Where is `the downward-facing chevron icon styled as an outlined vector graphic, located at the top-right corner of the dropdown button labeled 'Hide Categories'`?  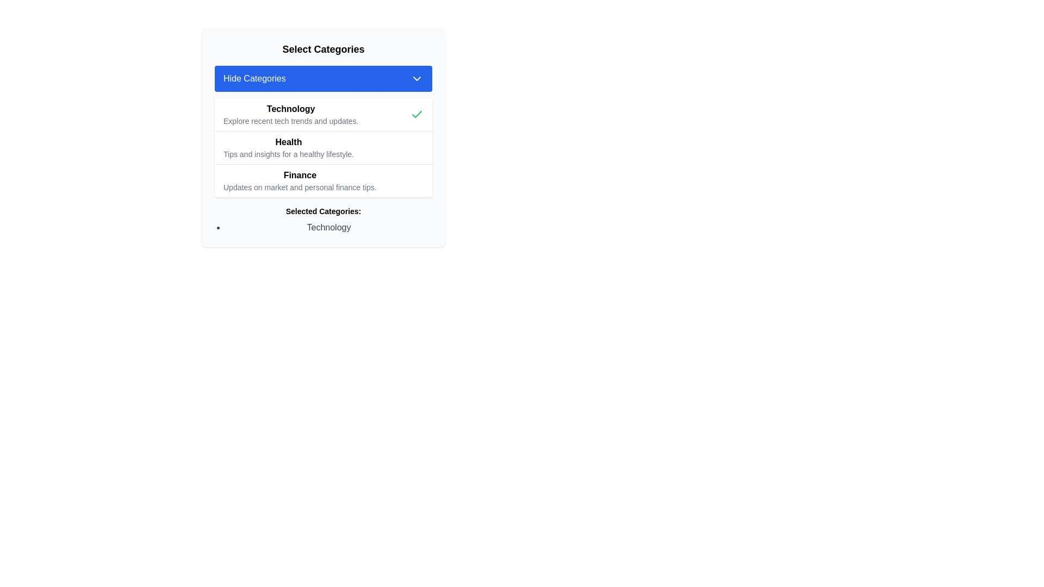
the downward-facing chevron icon styled as an outlined vector graphic, located at the top-right corner of the dropdown button labeled 'Hide Categories' is located at coordinates (417, 78).